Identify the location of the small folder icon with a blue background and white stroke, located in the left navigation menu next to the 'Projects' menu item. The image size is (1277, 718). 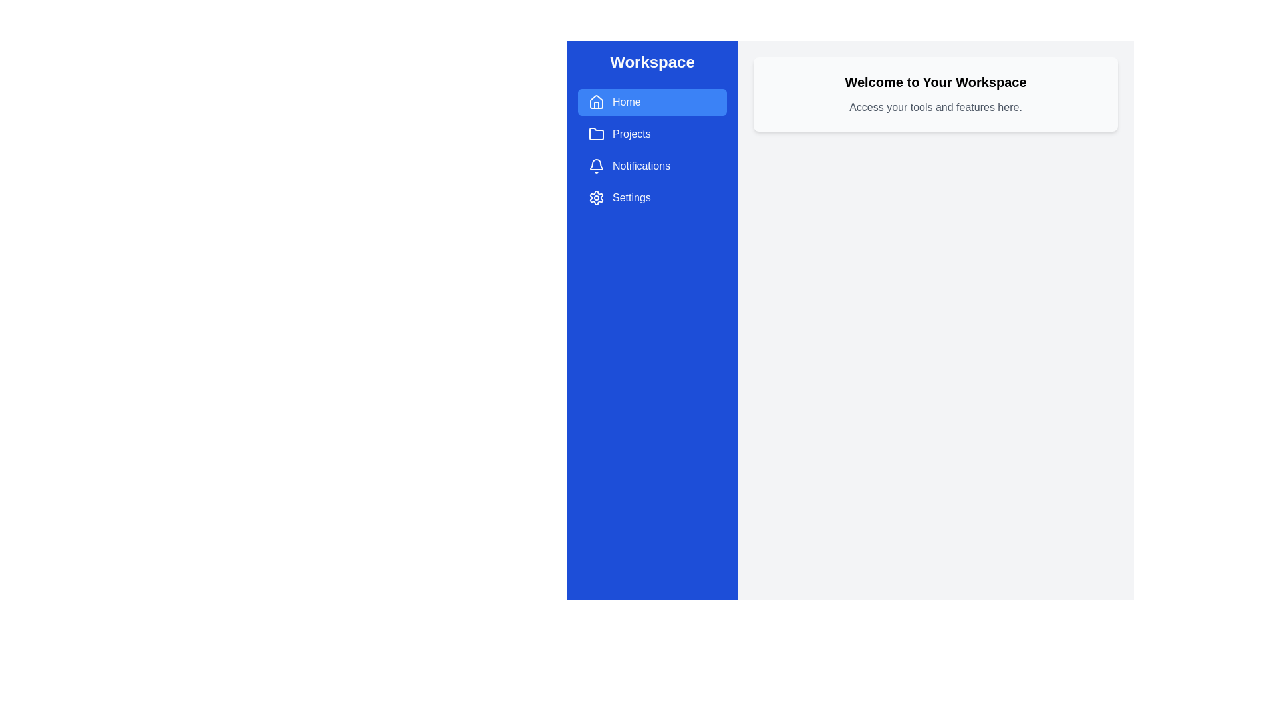
(596, 134).